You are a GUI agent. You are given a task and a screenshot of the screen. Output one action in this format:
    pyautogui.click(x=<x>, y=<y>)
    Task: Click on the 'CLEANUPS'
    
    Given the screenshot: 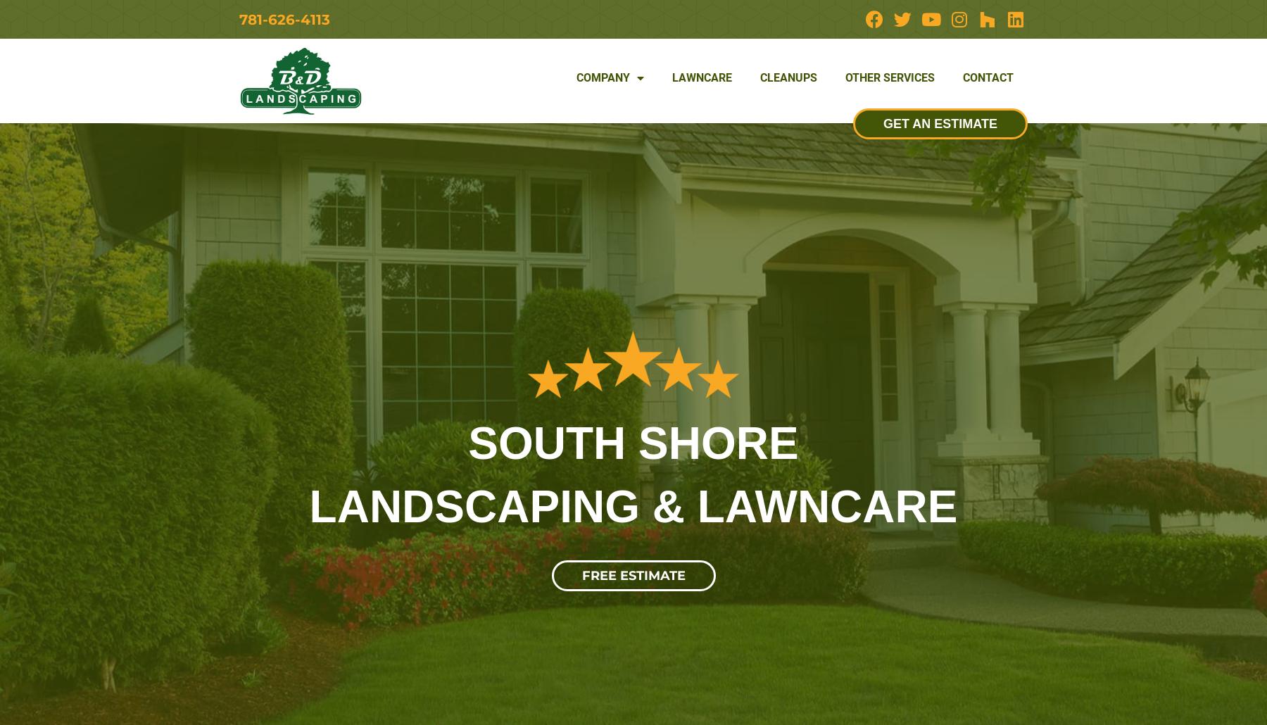 What is the action you would take?
    pyautogui.click(x=760, y=76)
    